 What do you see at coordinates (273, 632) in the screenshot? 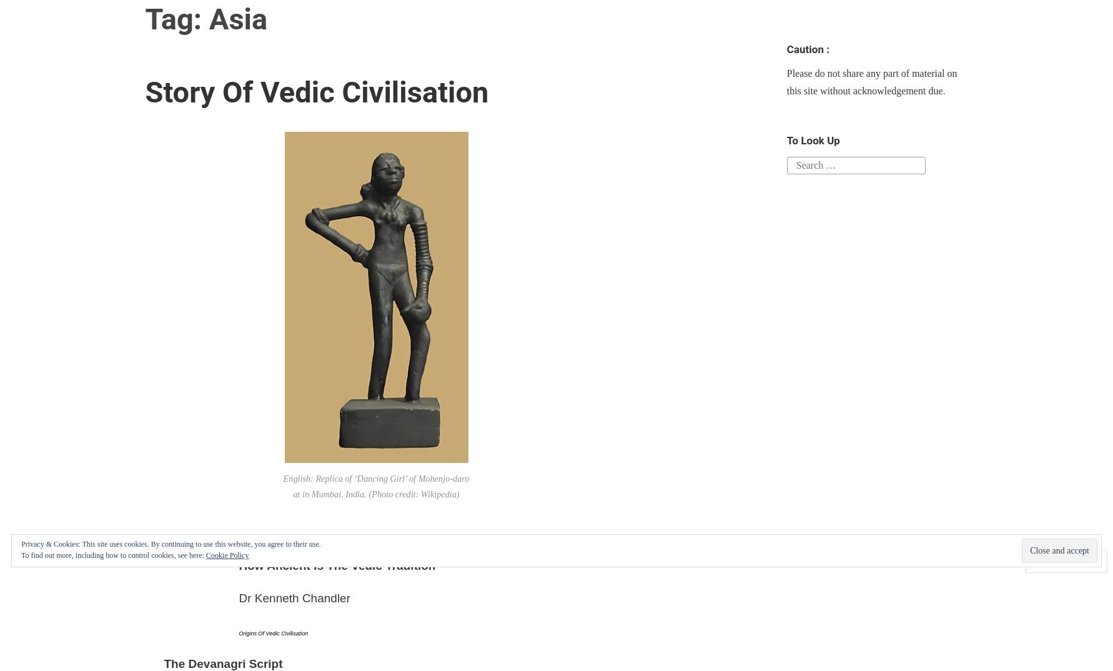
I see `'Origins Of Vedic Civilisation'` at bounding box center [273, 632].